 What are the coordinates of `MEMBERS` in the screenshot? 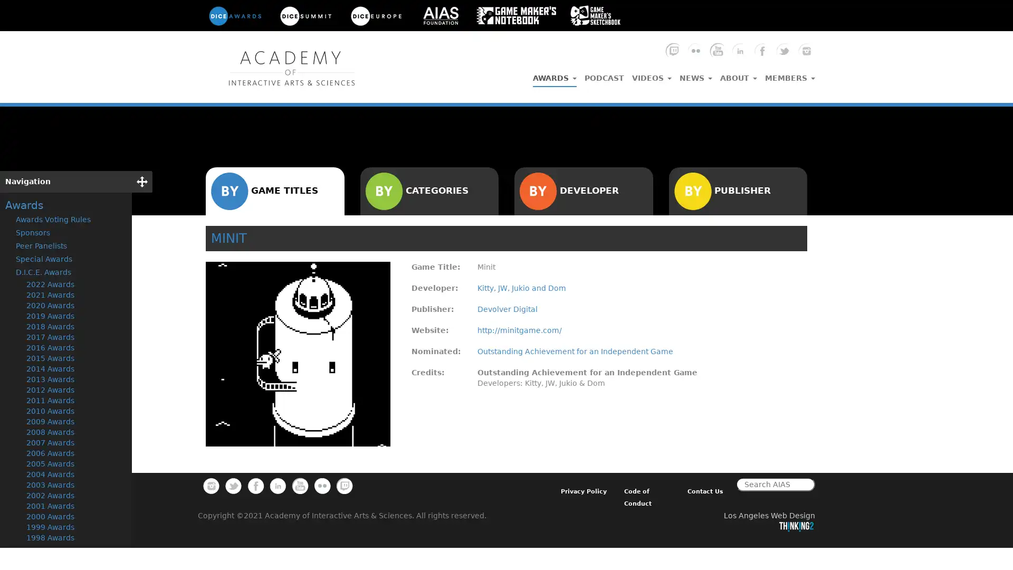 It's located at (790, 74).